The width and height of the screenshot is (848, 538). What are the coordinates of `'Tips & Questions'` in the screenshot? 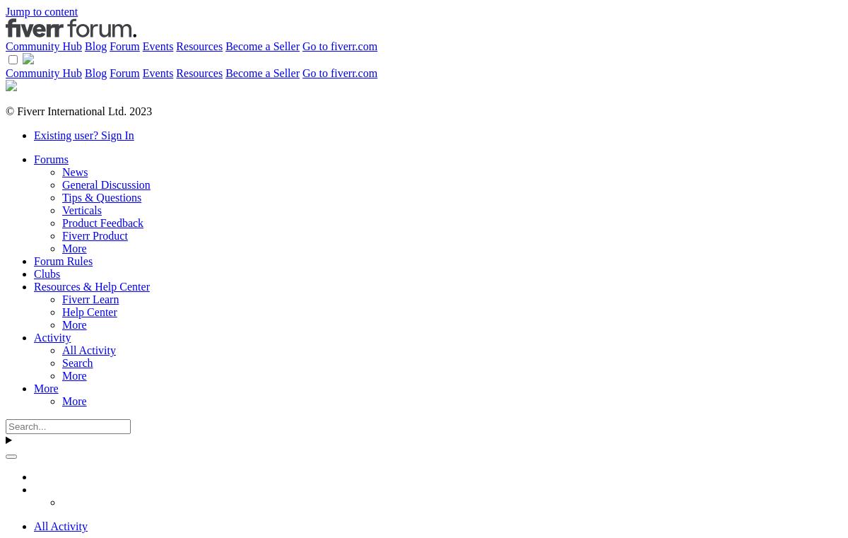 It's located at (102, 197).